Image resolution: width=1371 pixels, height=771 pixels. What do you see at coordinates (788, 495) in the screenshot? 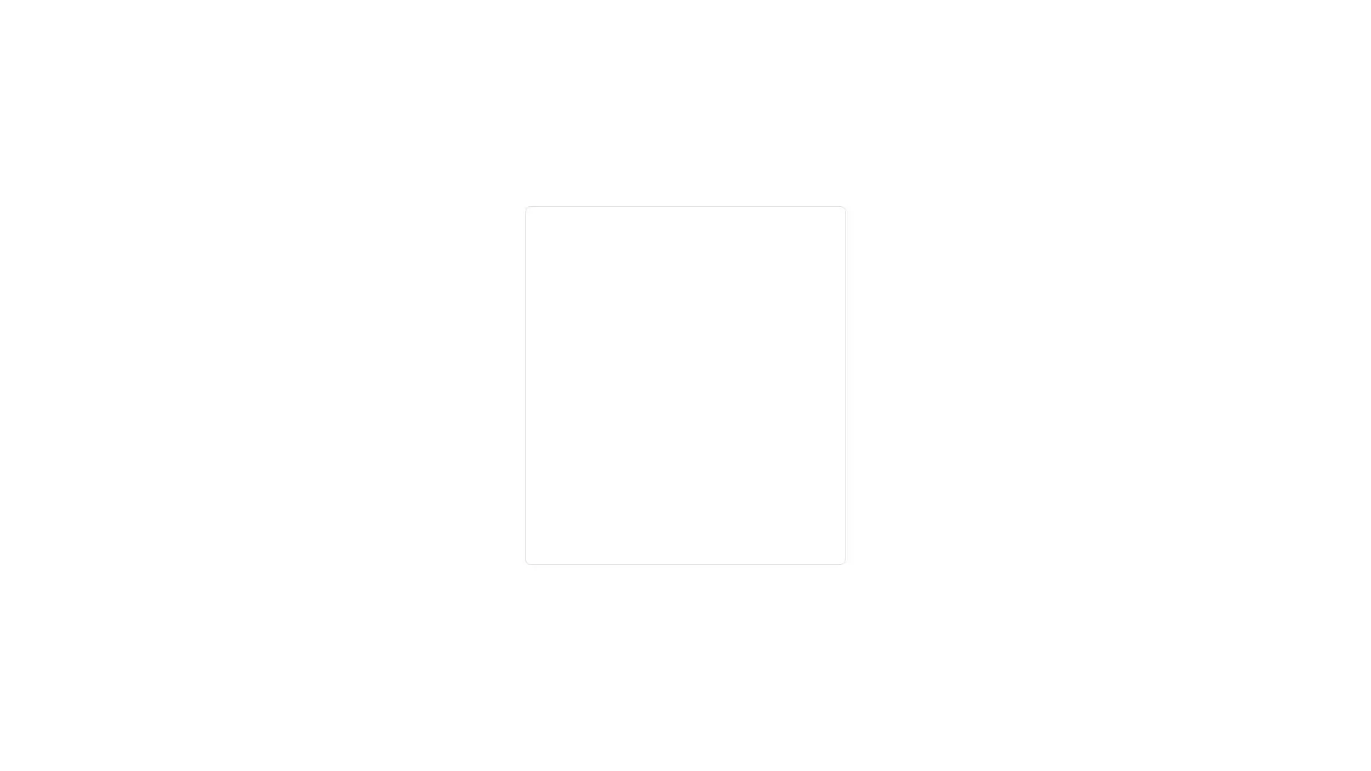
I see `Next` at bounding box center [788, 495].